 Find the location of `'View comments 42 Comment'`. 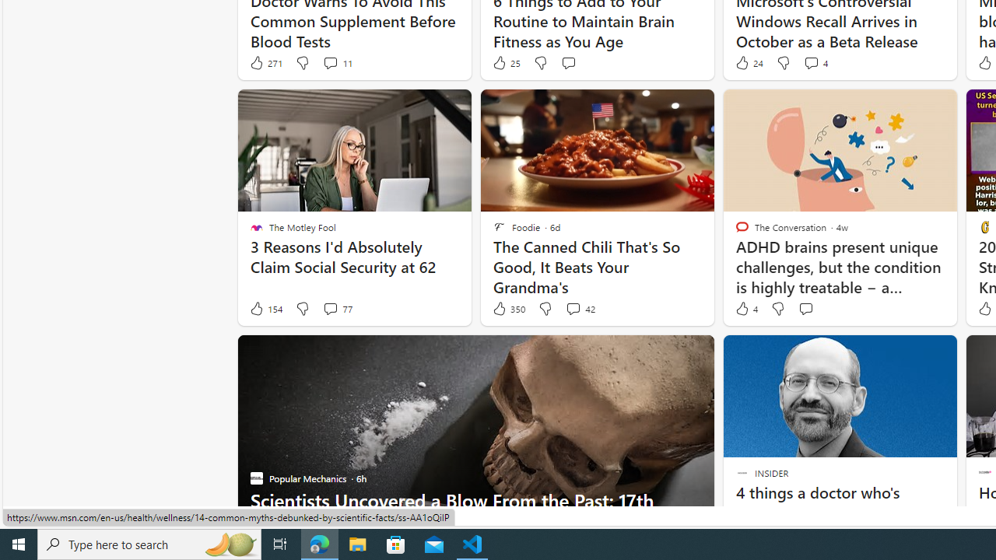

'View comments 42 Comment' is located at coordinates (579, 309).